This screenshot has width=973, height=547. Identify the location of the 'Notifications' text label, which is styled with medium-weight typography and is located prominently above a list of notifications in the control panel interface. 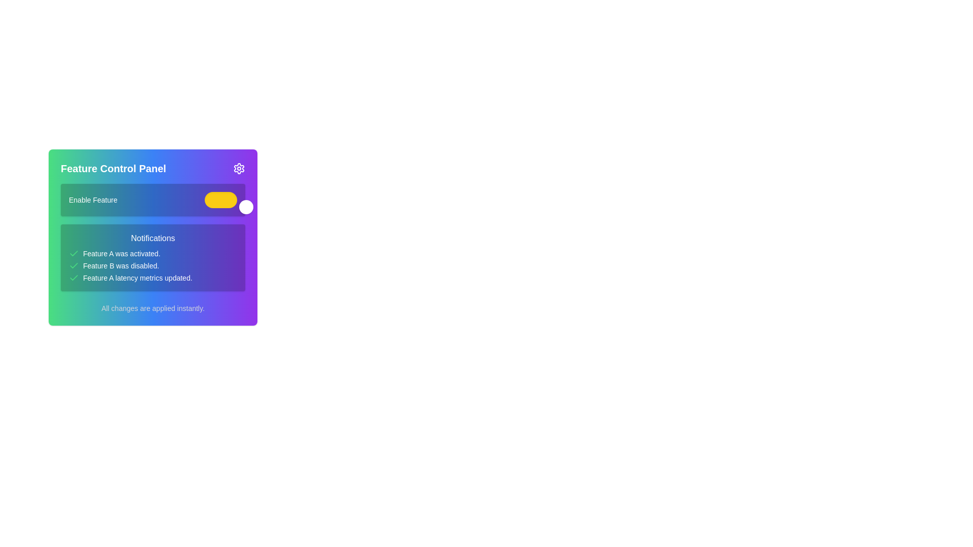
(153, 238).